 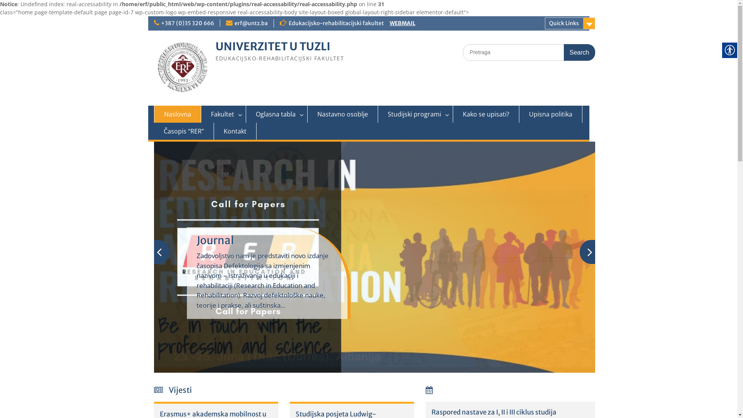 What do you see at coordinates (234, 131) in the screenshot?
I see `'Kontakt'` at bounding box center [234, 131].